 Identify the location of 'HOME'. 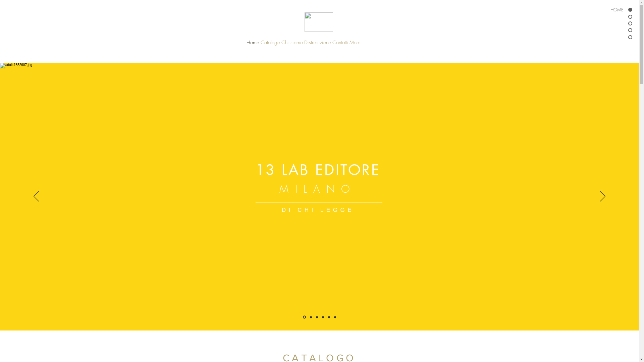
(610, 10).